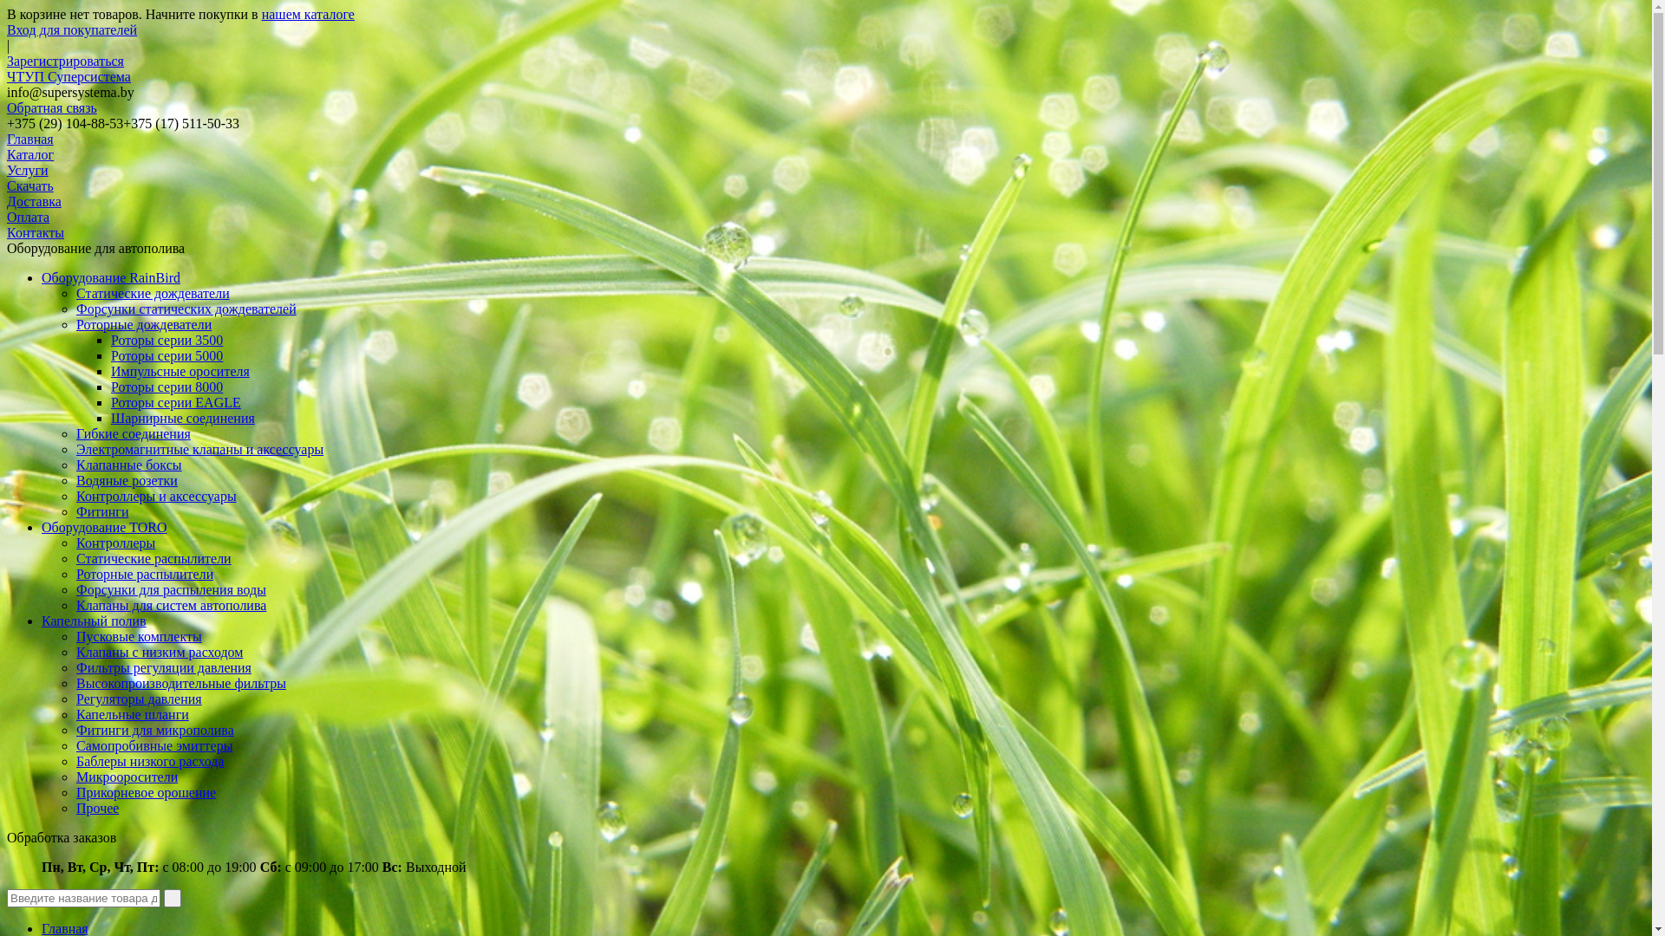 Image resolution: width=1665 pixels, height=936 pixels. Describe the element at coordinates (163, 897) in the screenshot. I see `' '` at that location.